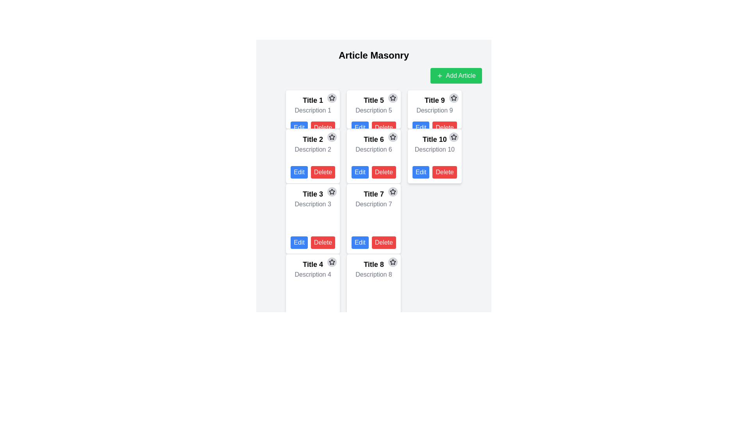 The width and height of the screenshot is (750, 422). I want to click on the vertical information card located in the top-left corner of the interface, which displays a title and description for an entity, along with action buttons for editing and deleting, so click(313, 109).